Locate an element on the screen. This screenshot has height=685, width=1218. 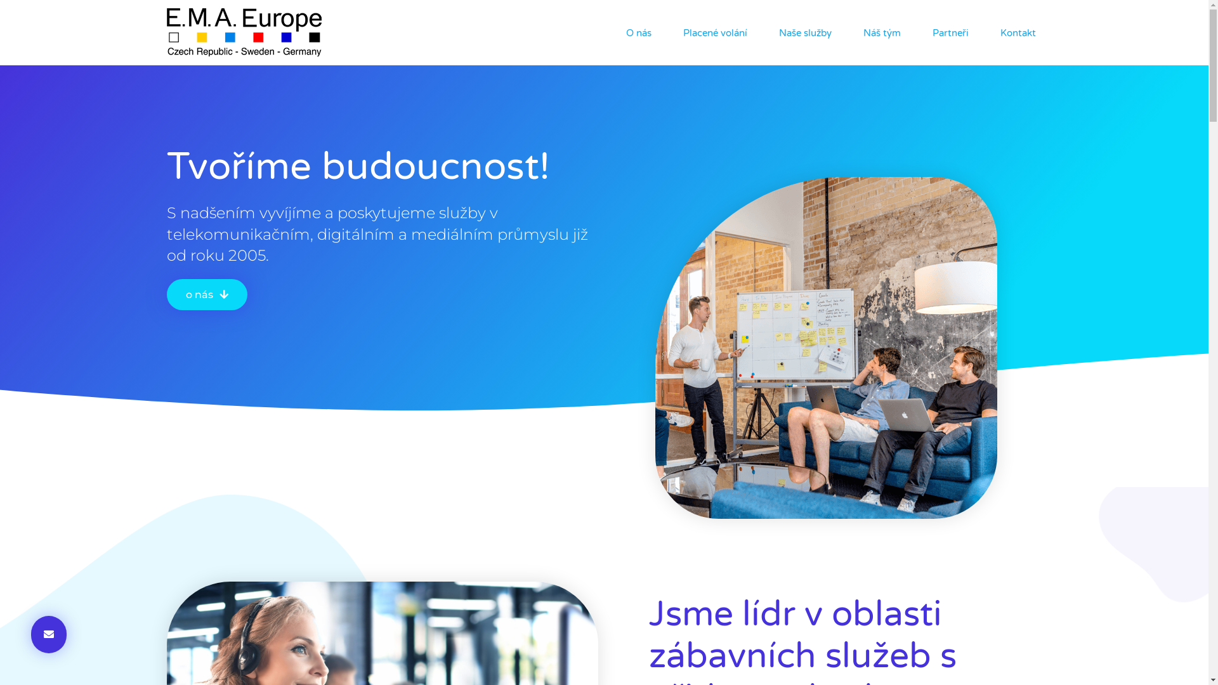
'Kontakt' is located at coordinates (1017, 32).